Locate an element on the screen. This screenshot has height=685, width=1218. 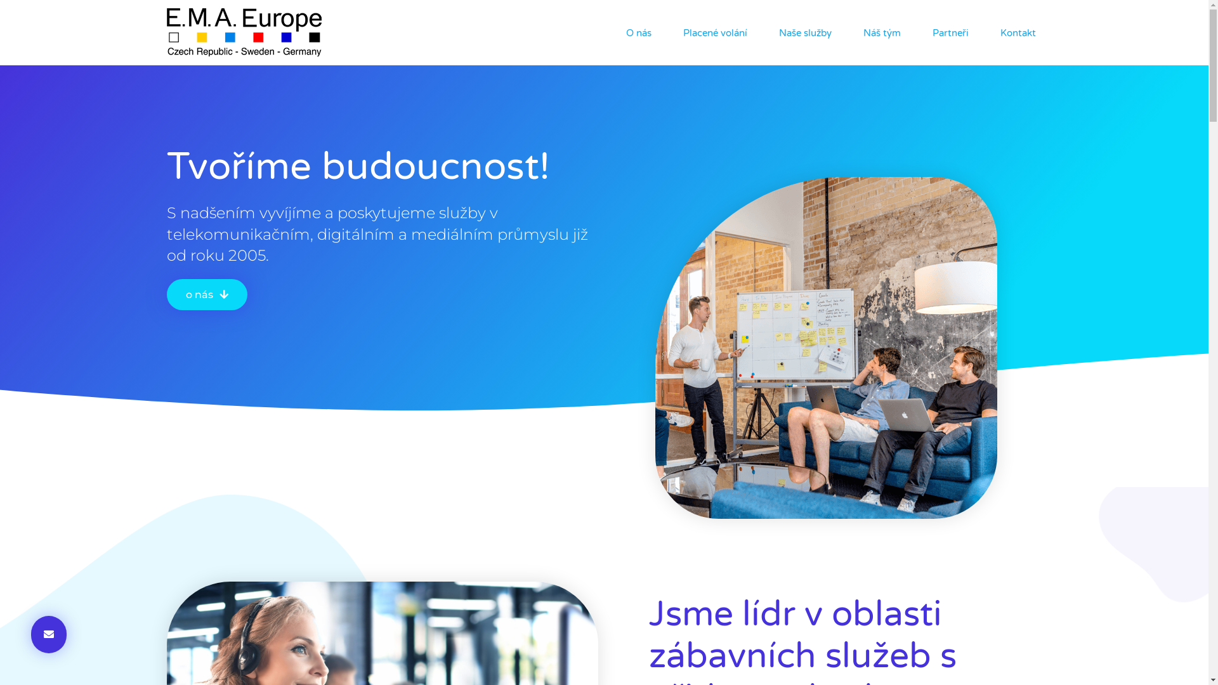
'Kontakt' is located at coordinates (1017, 32).